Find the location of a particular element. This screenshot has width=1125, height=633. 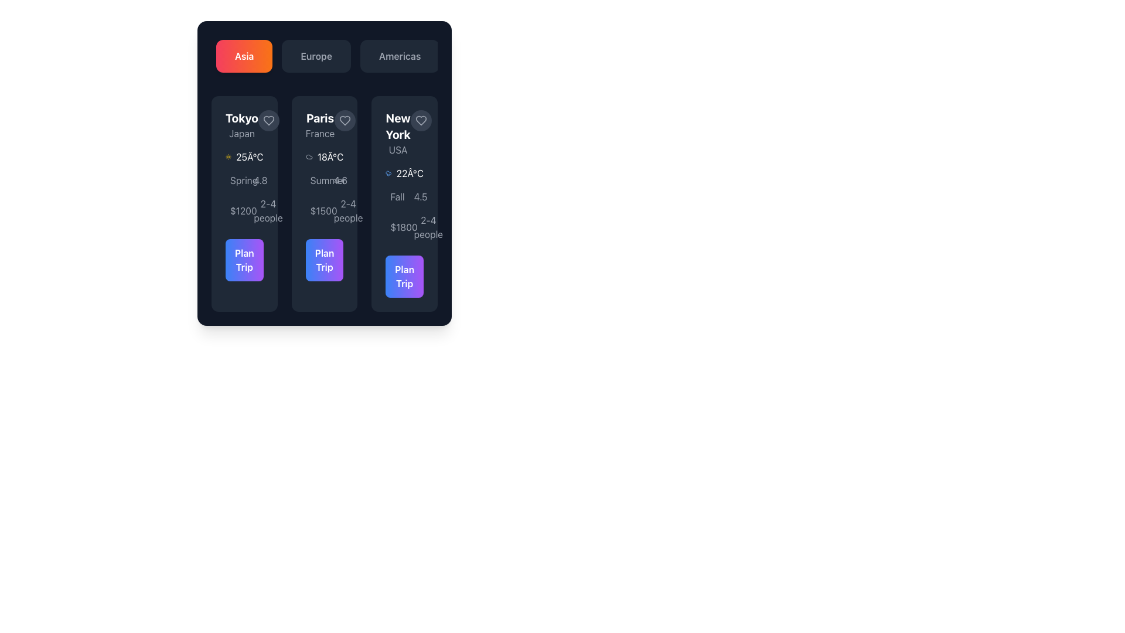

the heart icon located at the top-right corner of the New York trip card, adjacent to the card's title, which serves as a favorite or like button is located at coordinates (421, 120).